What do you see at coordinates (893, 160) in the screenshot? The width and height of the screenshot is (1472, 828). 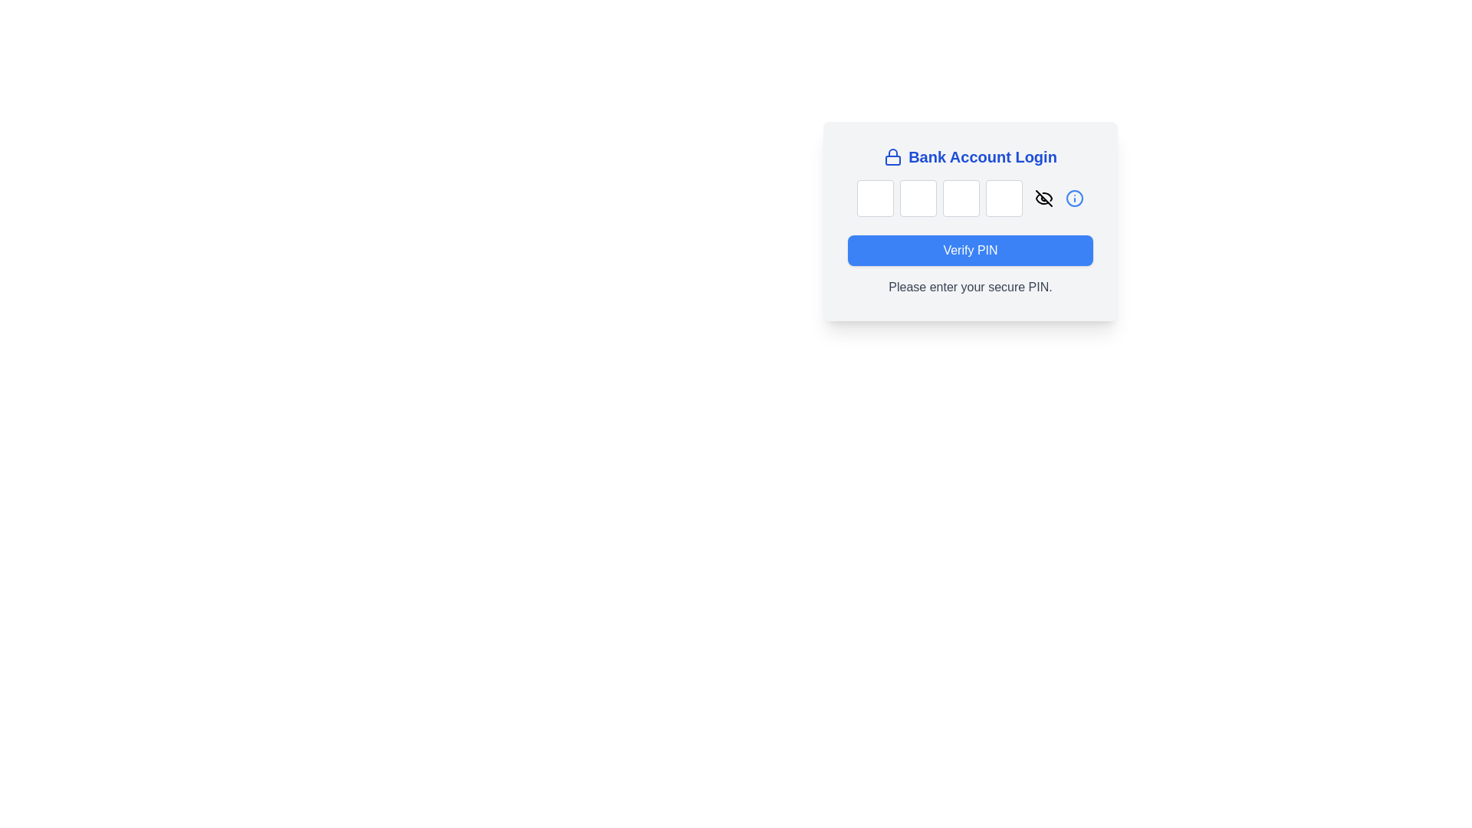 I see `the lock body icon component, which visually represents a locked state for security indication, located above the 'Bank Account Login' title` at bounding box center [893, 160].